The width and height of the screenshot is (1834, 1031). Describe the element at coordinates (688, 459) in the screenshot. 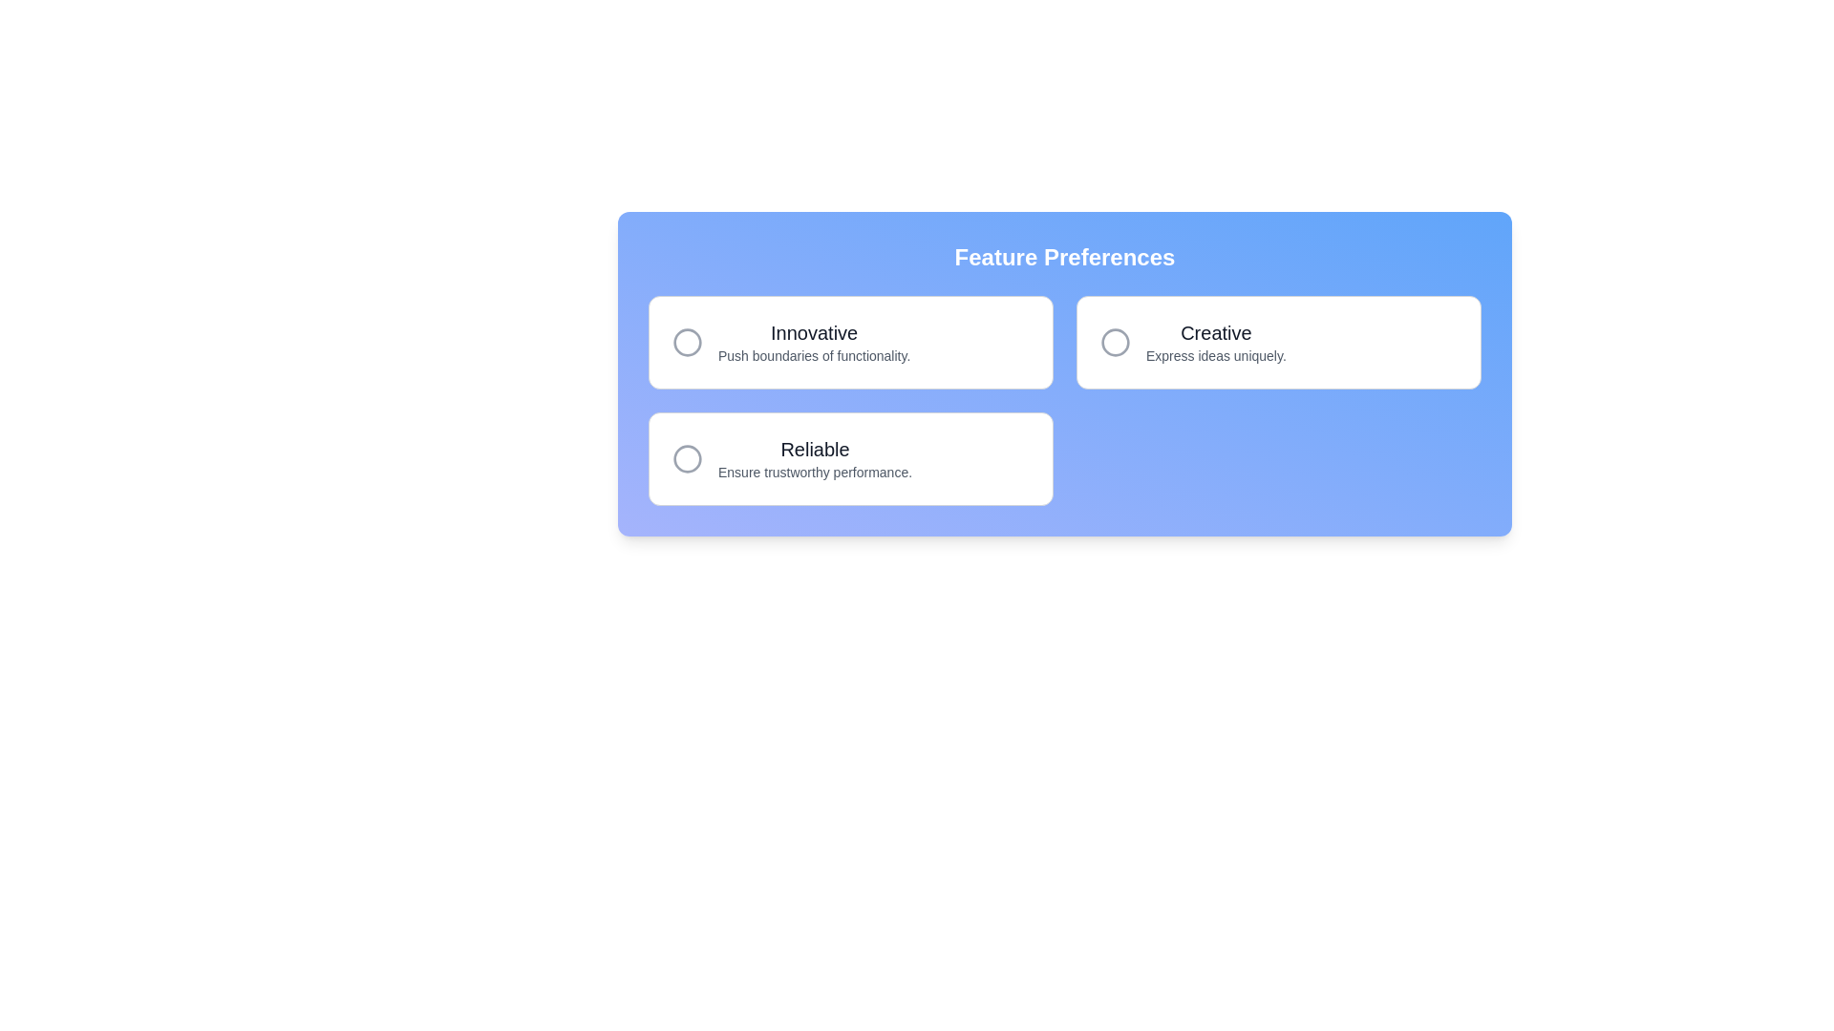

I see `the circular SVG radio button located to the left of the label 'Reliable Ensure trustworthy performance.'` at that location.